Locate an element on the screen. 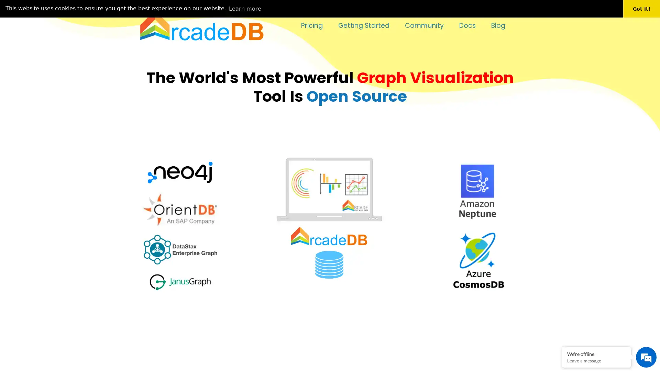  learn more about cookies is located at coordinates (245, 8).